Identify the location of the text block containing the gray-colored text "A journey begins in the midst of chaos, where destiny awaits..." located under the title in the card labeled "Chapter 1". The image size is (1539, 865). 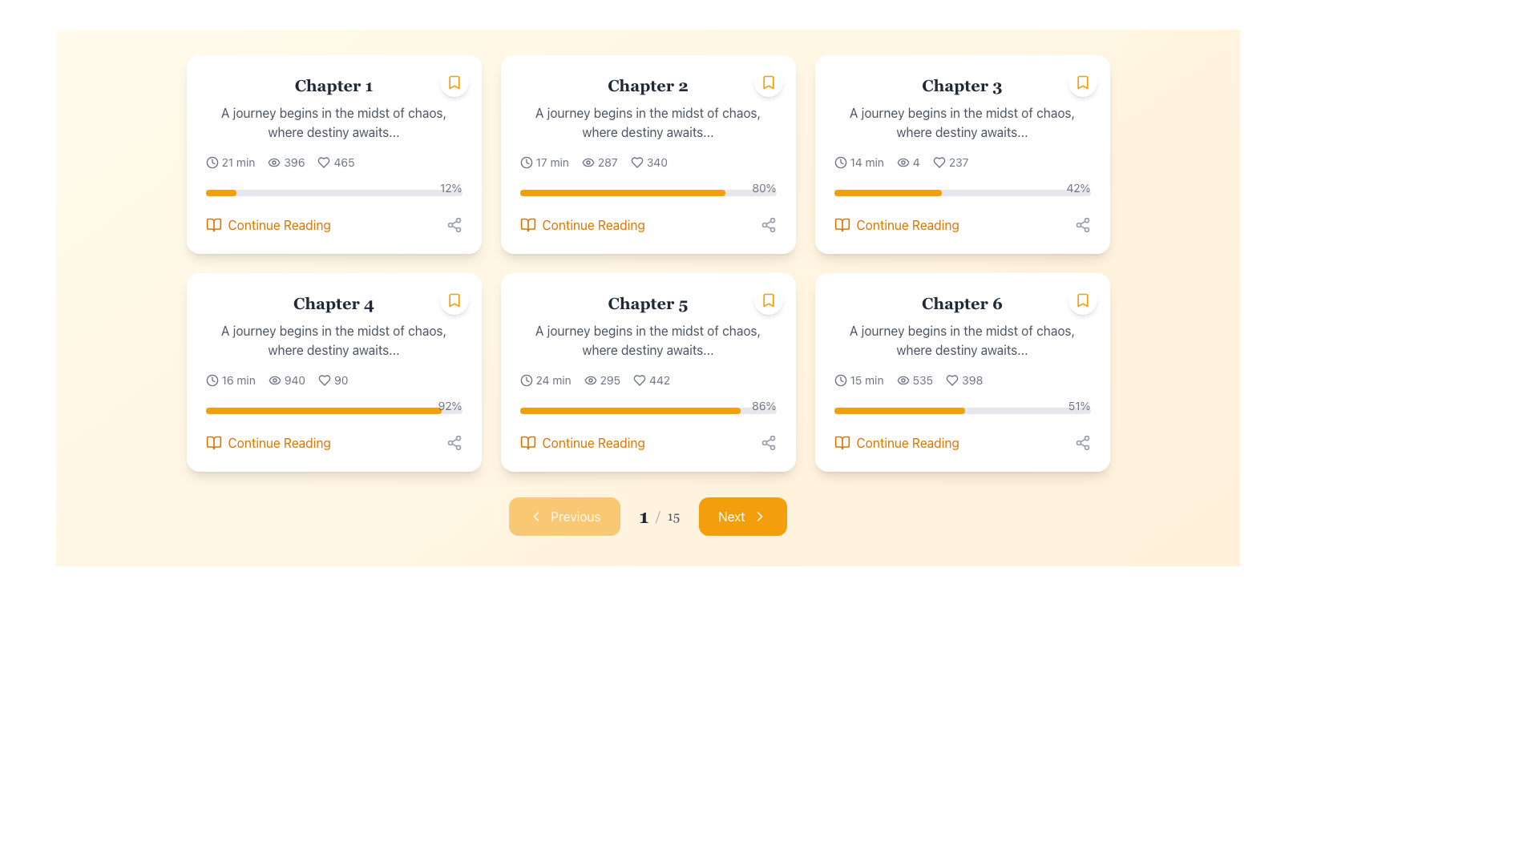
(333, 122).